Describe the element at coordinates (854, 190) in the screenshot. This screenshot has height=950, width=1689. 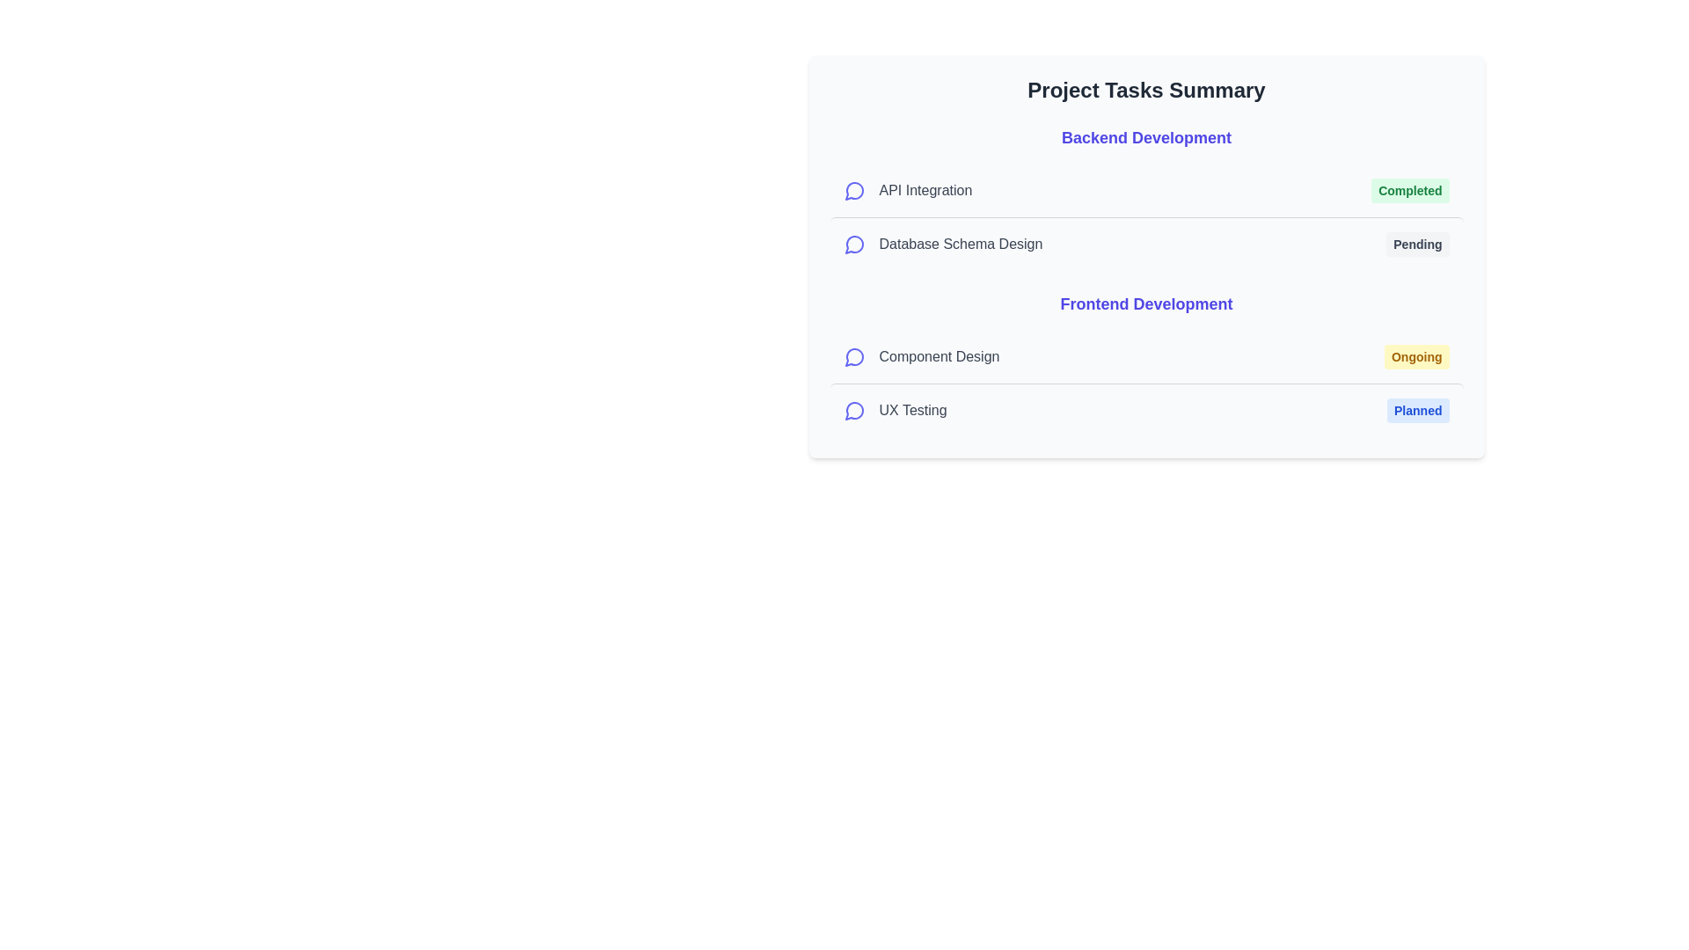
I see `the chat icon located within the 'API Integration' group, which visually represents communication capabilities` at that location.